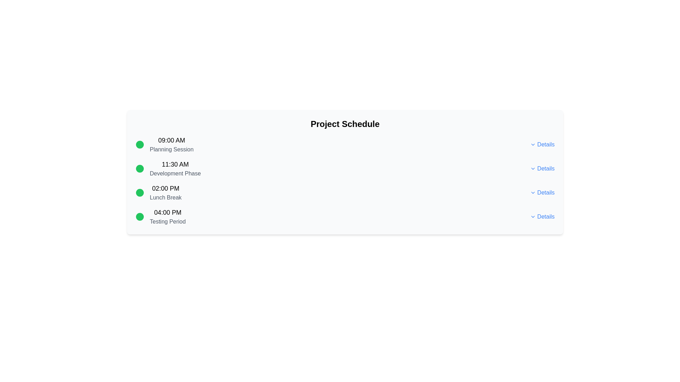 This screenshot has height=382, width=680. Describe the element at coordinates (175, 164) in the screenshot. I see `the static text label displaying '11:30 AM' located in the 'Project Schedule' under the 'Development Phase' timeline entry` at that location.